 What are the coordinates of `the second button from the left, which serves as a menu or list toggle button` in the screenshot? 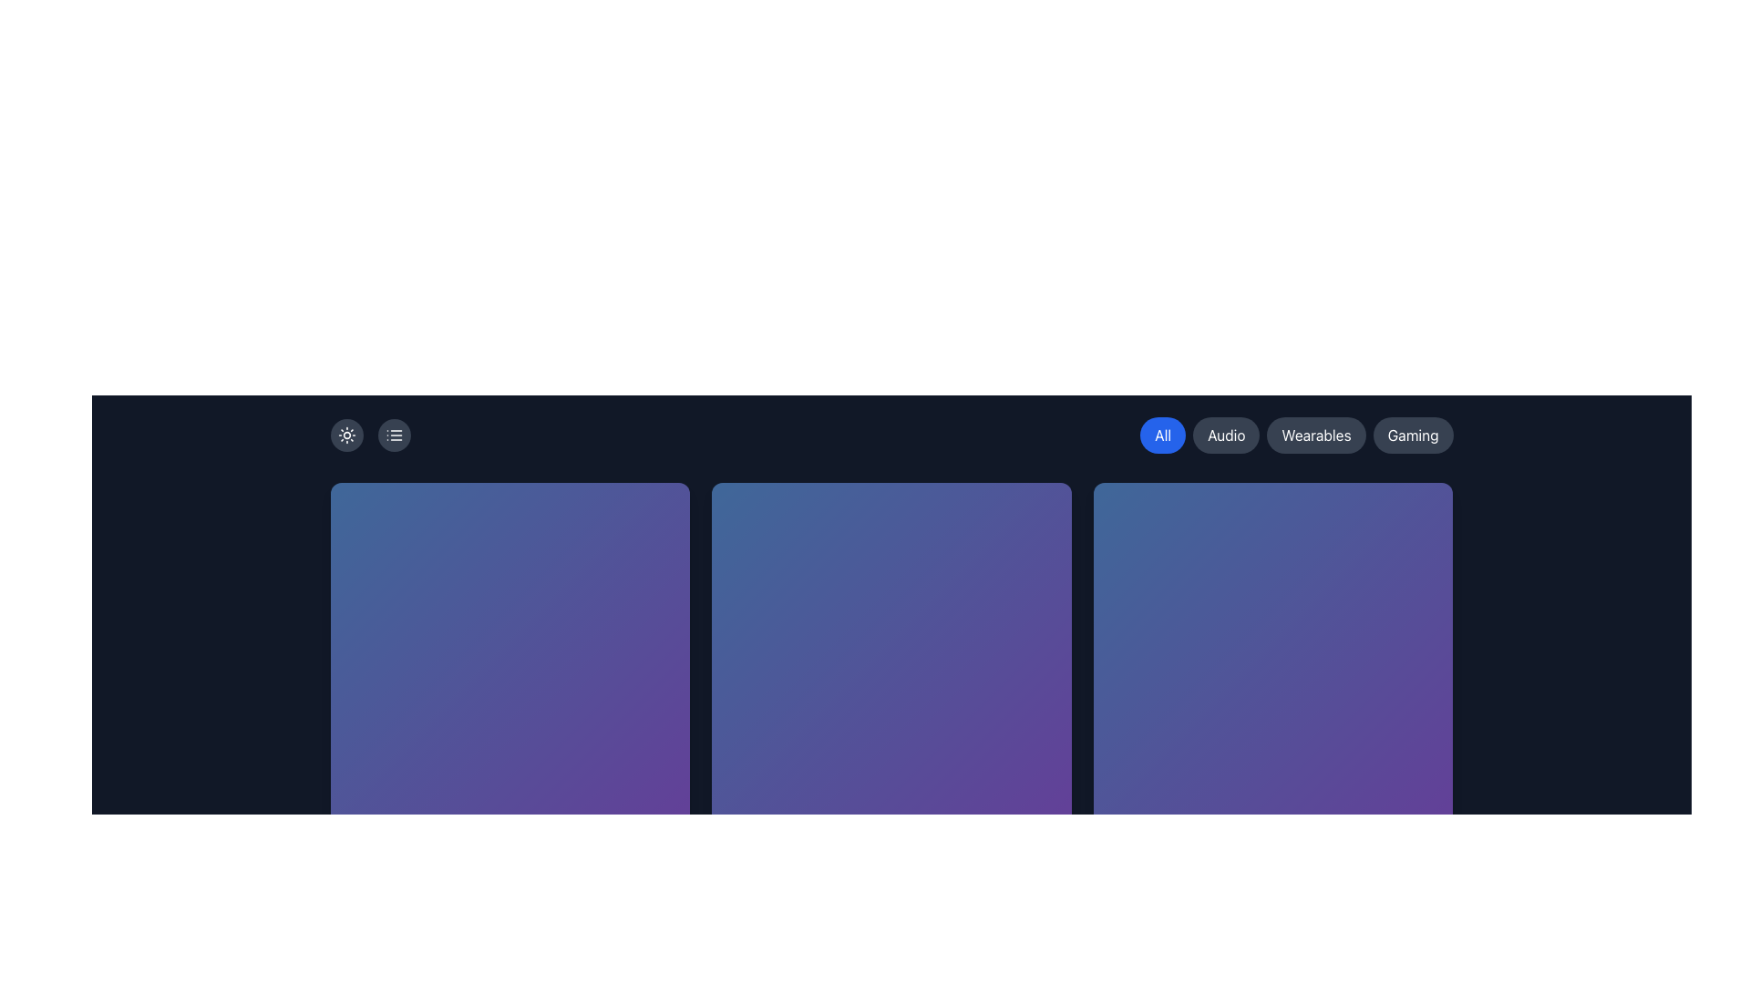 It's located at (393, 436).